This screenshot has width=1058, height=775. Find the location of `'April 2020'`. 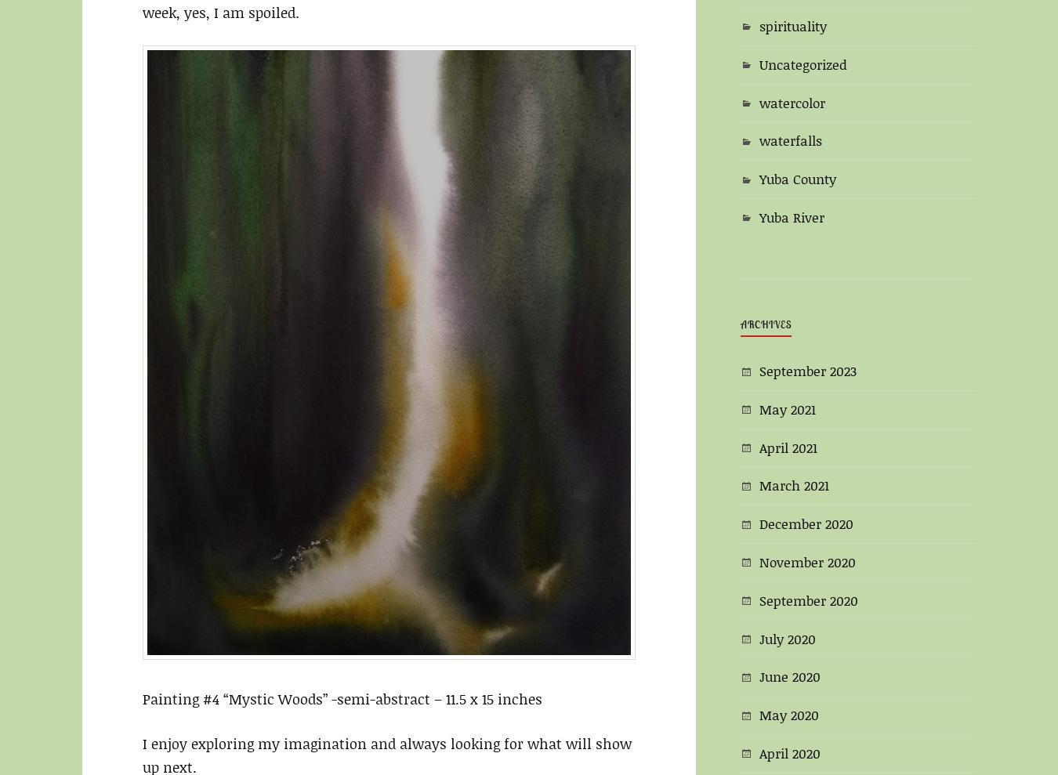

'April 2020' is located at coordinates (789, 752).